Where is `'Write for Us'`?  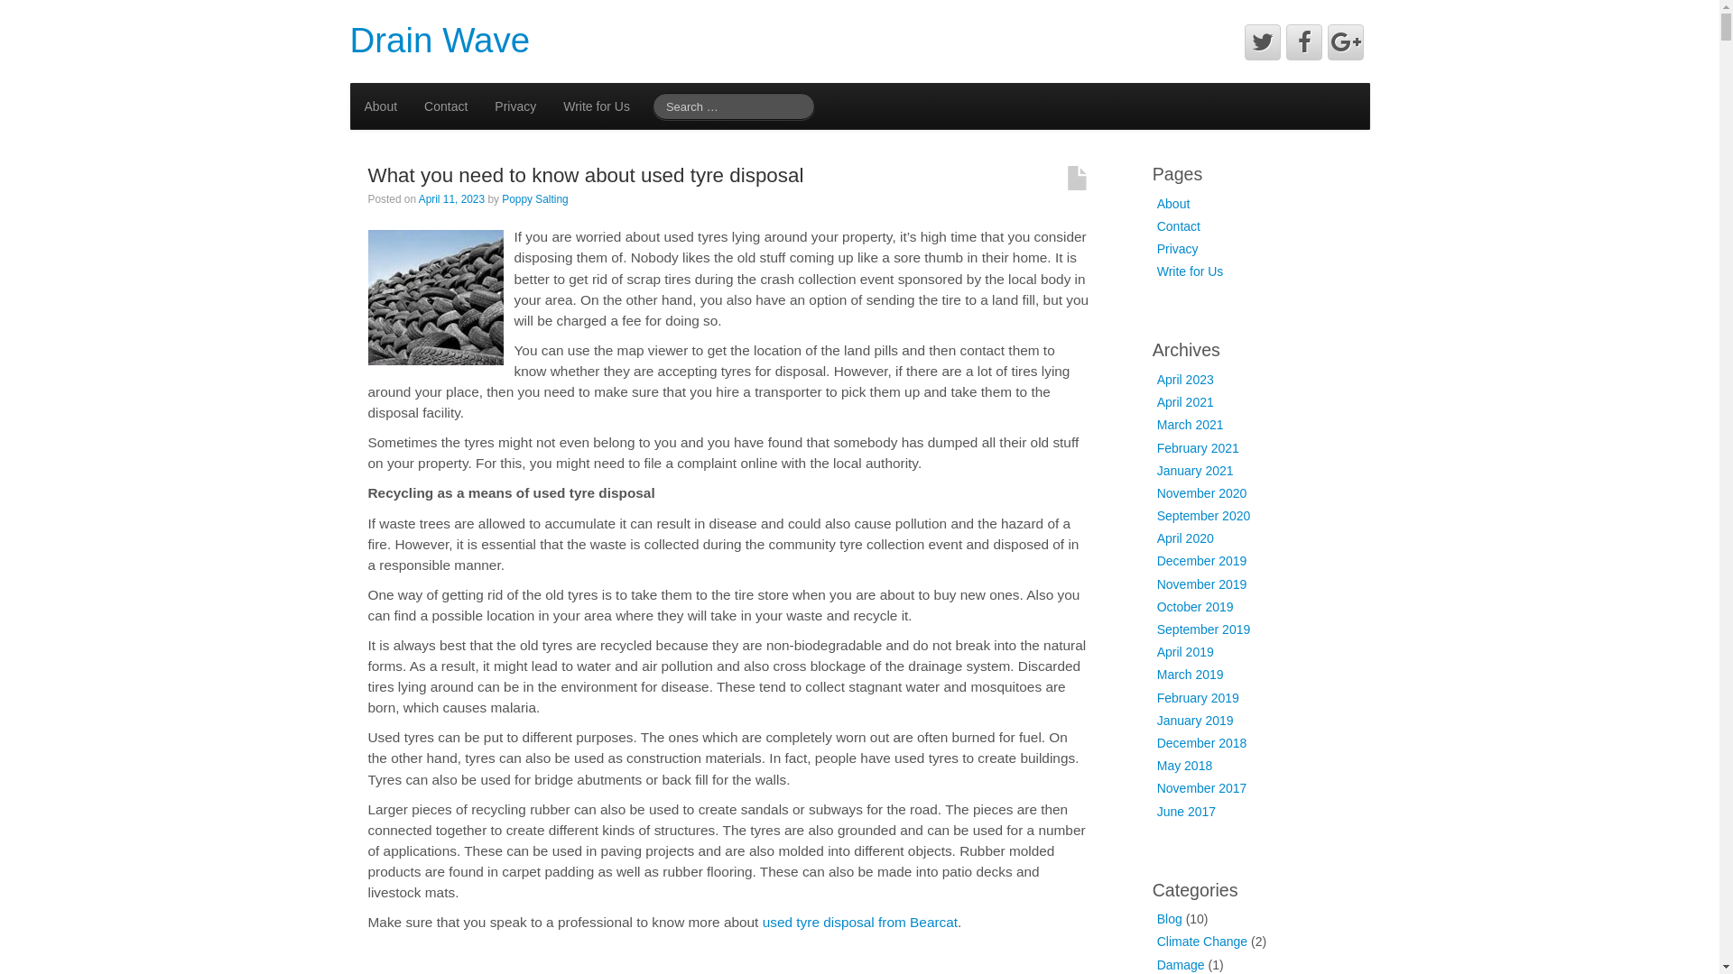
'Write for Us' is located at coordinates (597, 106).